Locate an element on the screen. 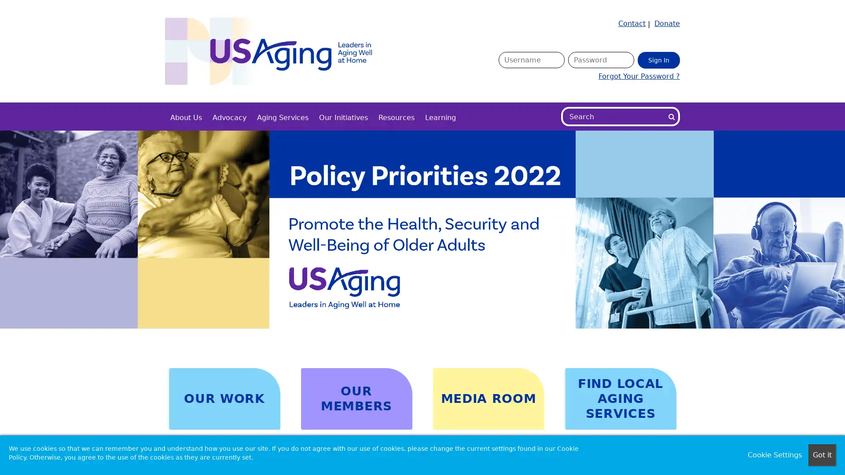 The width and height of the screenshot is (845, 475). Got it is located at coordinates (822, 455).